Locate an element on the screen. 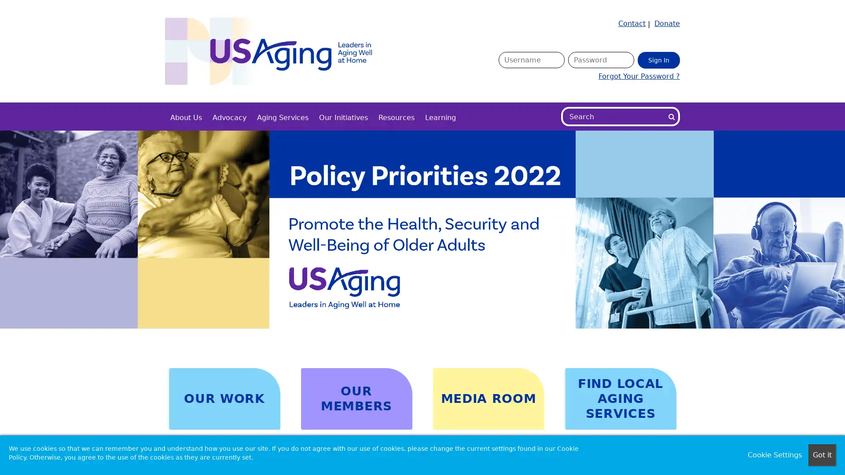 The width and height of the screenshot is (845, 475). Got it is located at coordinates (822, 455).